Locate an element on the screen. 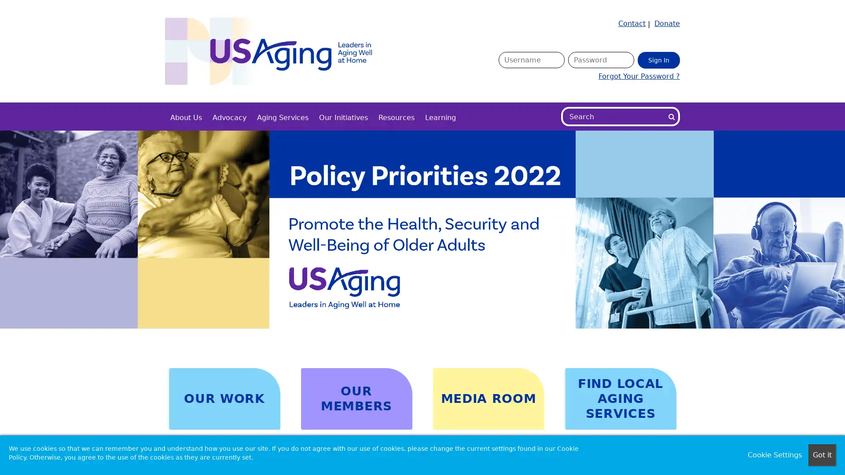 The width and height of the screenshot is (845, 475). Got it is located at coordinates (822, 455).